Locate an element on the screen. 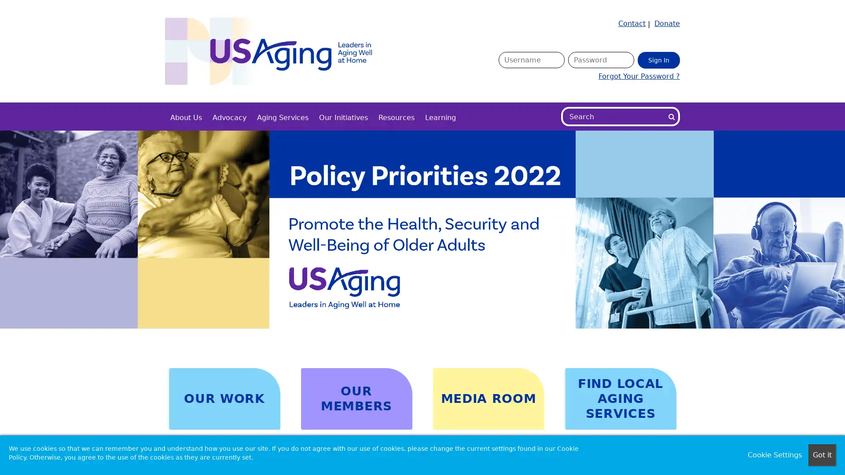 The width and height of the screenshot is (845, 475). Got it is located at coordinates (822, 455).